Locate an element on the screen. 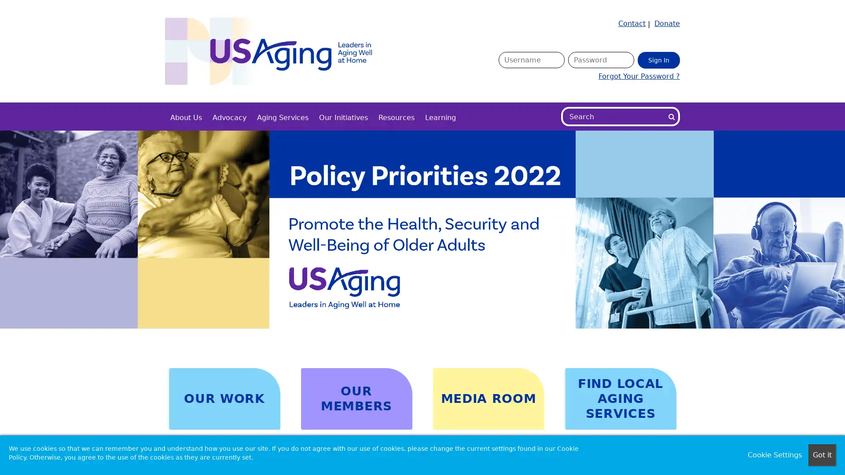 The width and height of the screenshot is (845, 475). Got it is located at coordinates (822, 455).